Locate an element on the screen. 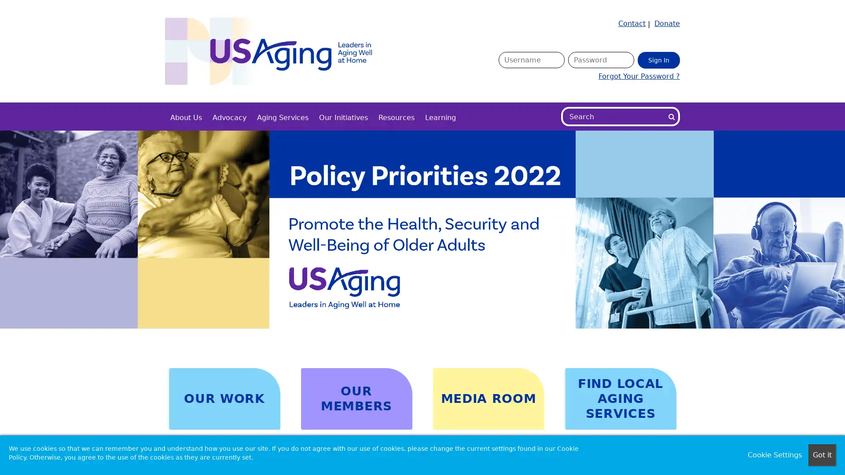 The width and height of the screenshot is (845, 475). Got it is located at coordinates (822, 455).